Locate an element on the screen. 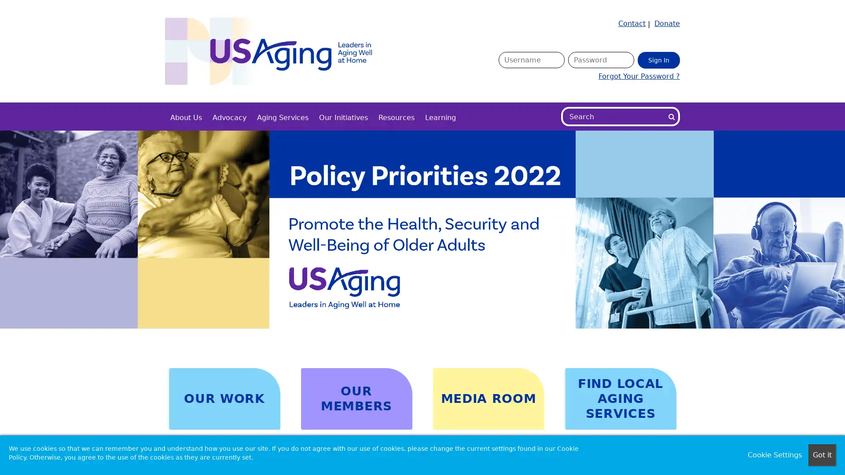 The width and height of the screenshot is (845, 475). Got it is located at coordinates (822, 455).